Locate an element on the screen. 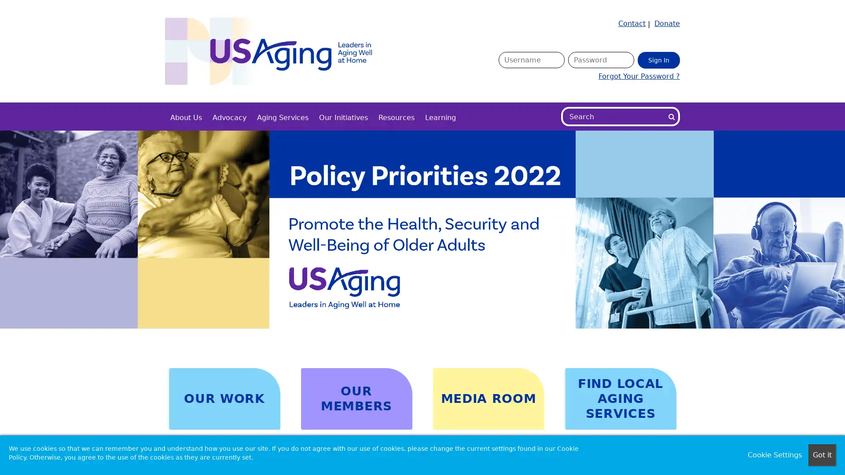 The width and height of the screenshot is (845, 475). Got it is located at coordinates (822, 455).